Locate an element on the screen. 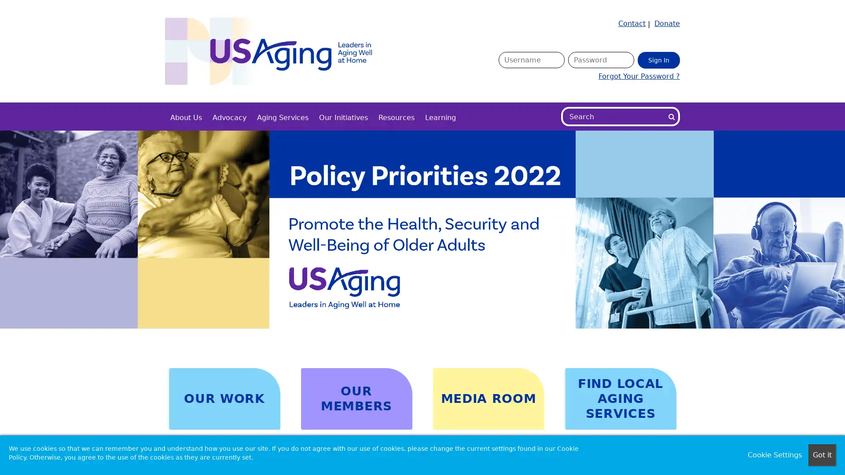 The width and height of the screenshot is (845, 475). Got it is located at coordinates (822, 455).